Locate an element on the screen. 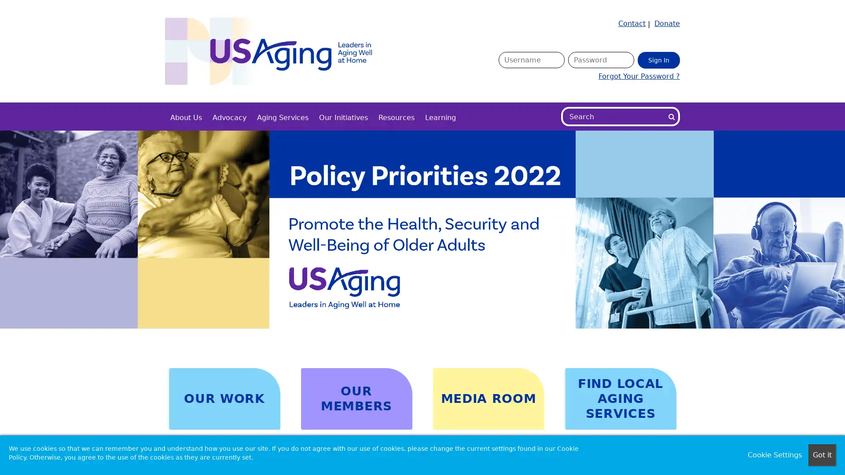 The width and height of the screenshot is (845, 475). Got it is located at coordinates (822, 455).